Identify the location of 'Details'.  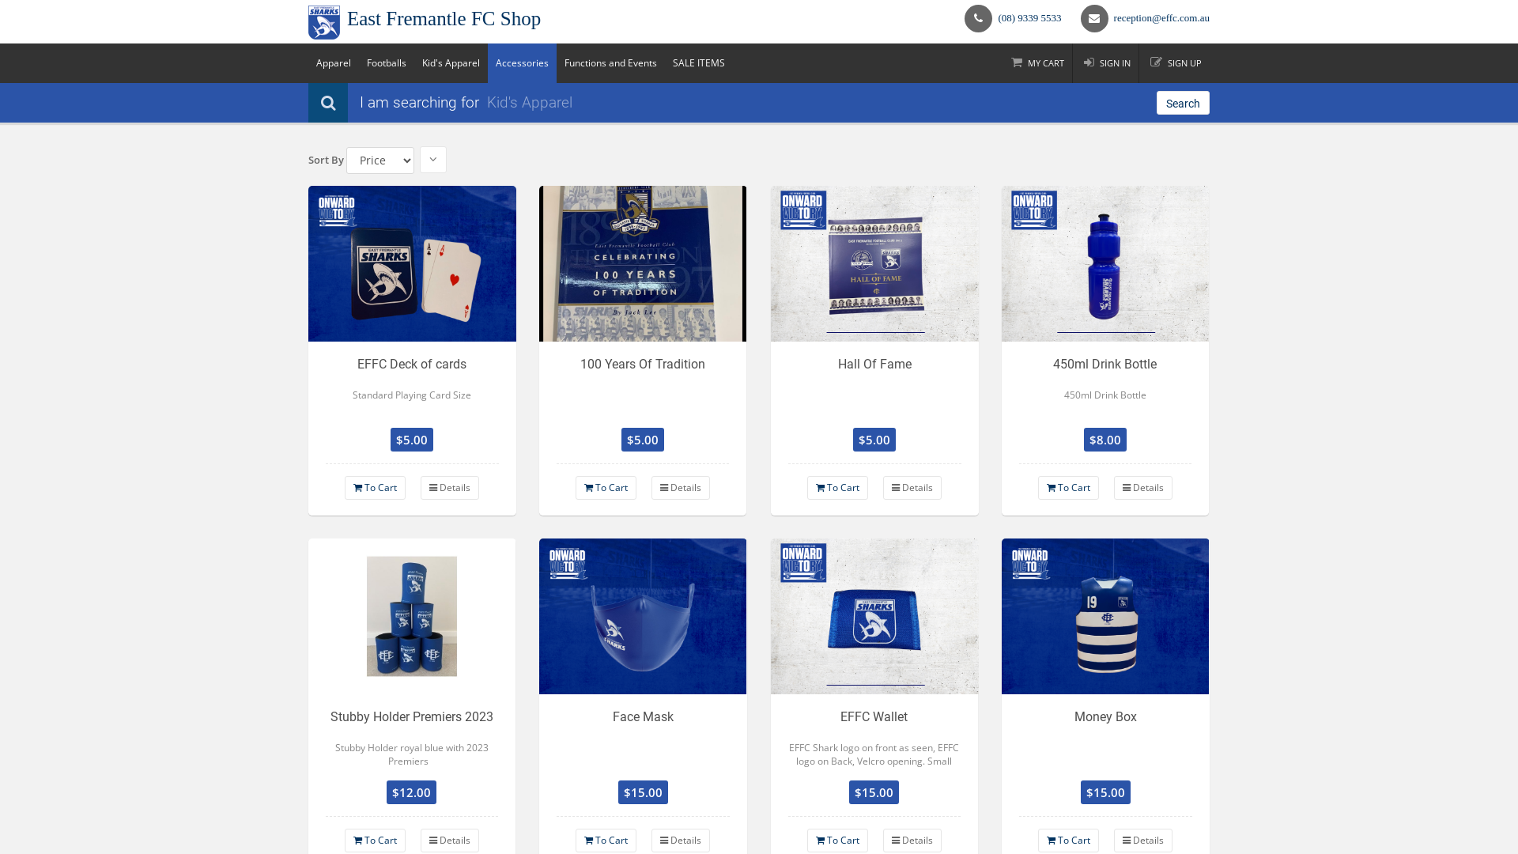
(680, 487).